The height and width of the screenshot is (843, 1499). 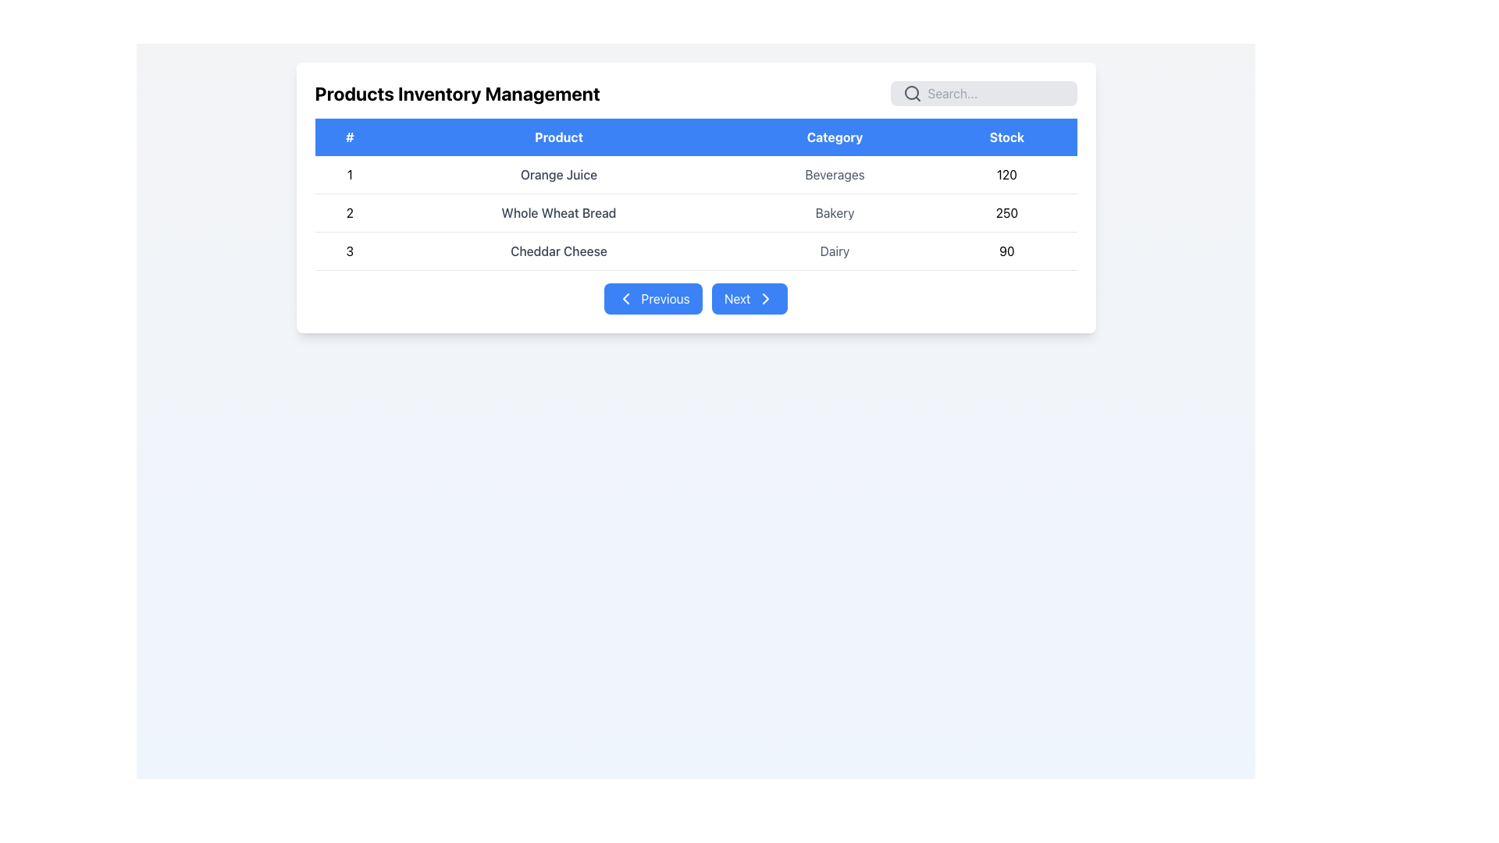 I want to click on the second row of the product inventory table, which is positioned between the first row for 'Orange Juice' and the third row for 'Cheddar Cheese', so click(x=695, y=213).